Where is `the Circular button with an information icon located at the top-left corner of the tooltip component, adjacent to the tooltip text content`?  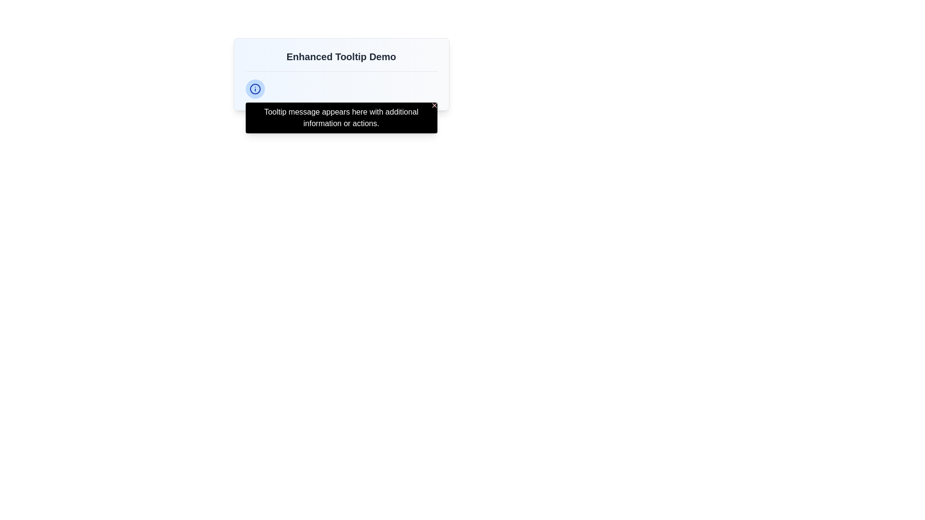
the Circular button with an information icon located at the top-left corner of the tooltip component, adjacent to the tooltip text content is located at coordinates (255, 89).